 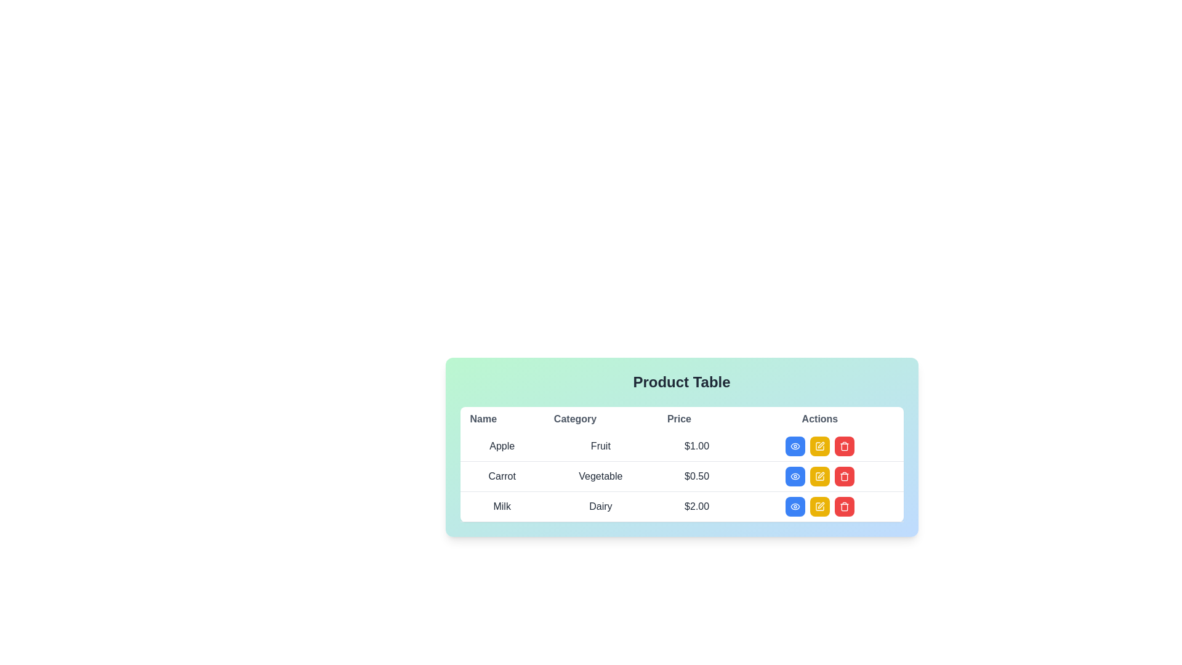 I want to click on the 'view' icon button in the 'Actions' column of the first row in the 'Product Table', so click(x=795, y=446).